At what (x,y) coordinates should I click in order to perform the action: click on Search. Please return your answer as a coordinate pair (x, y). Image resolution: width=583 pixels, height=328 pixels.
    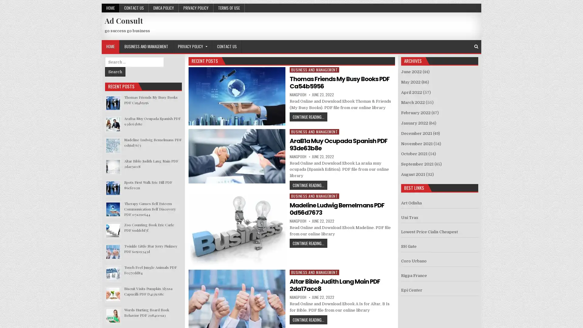
    Looking at the image, I should click on (115, 71).